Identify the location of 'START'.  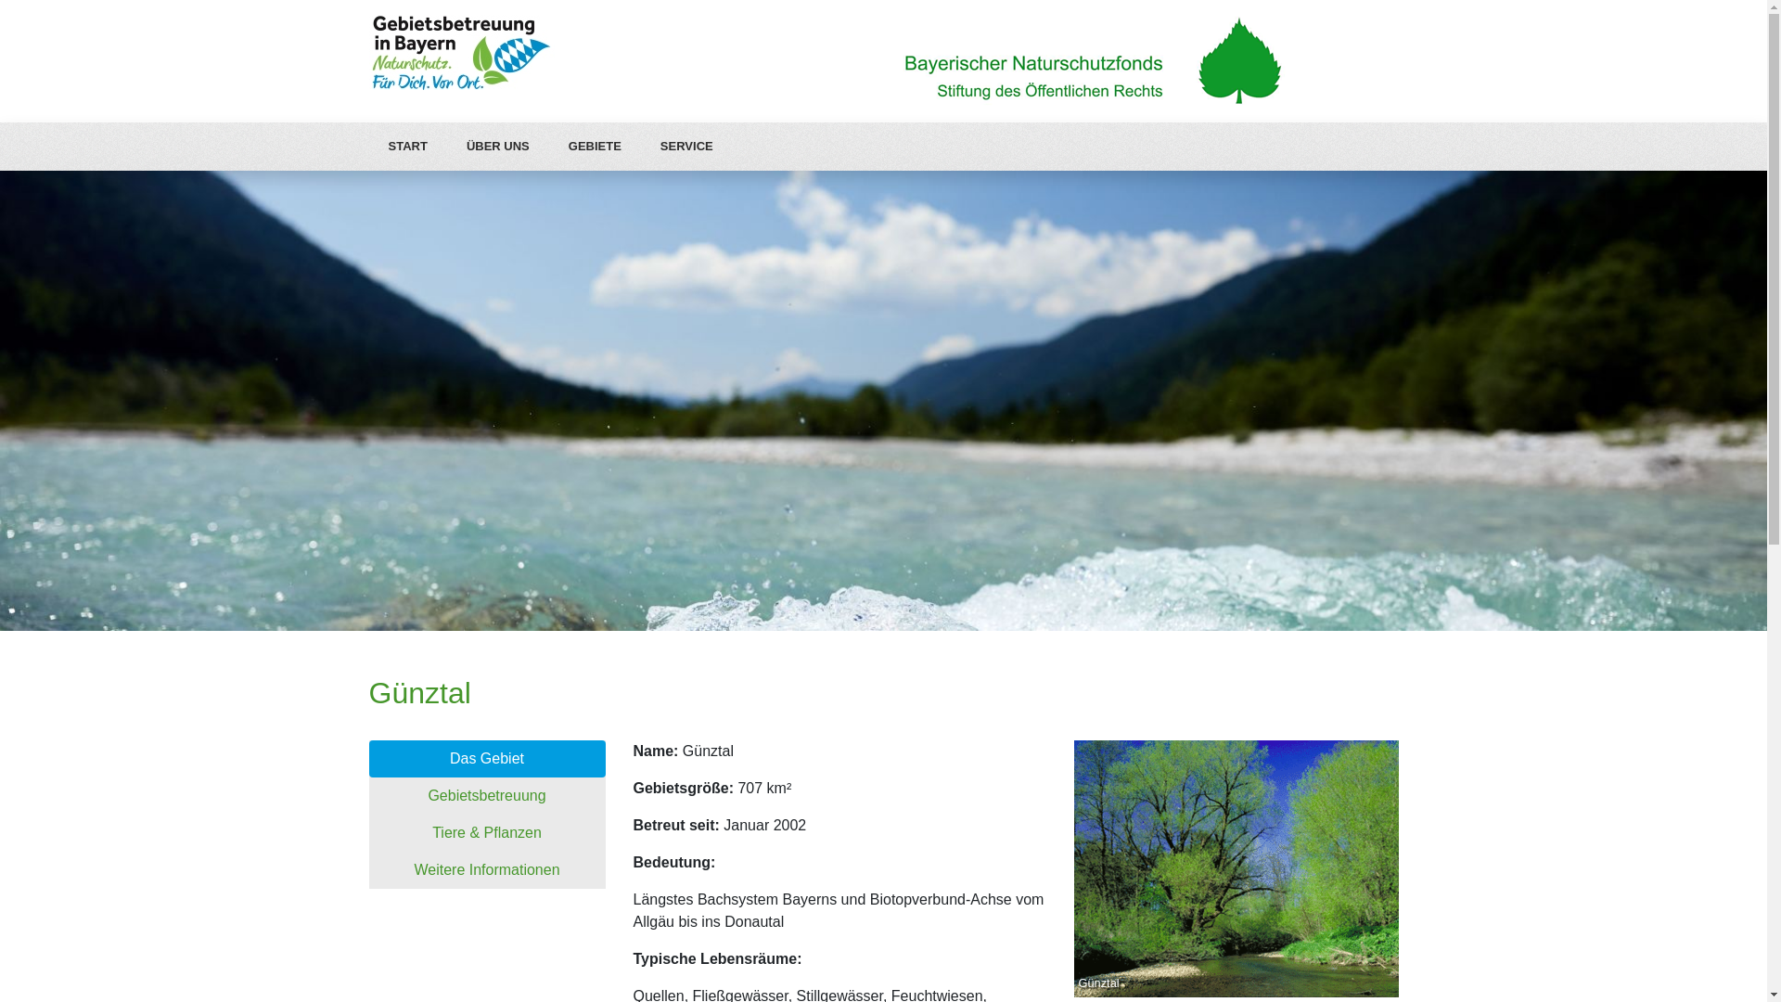
(407, 146).